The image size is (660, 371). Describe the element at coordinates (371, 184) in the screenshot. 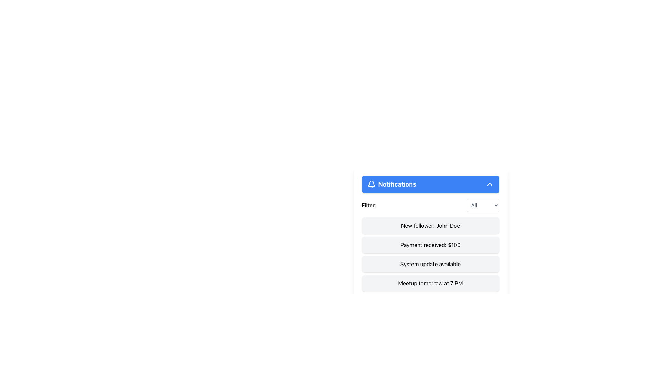

I see `the bell icon located on the left side of the blue header bar labeled 'Notifications'` at that location.